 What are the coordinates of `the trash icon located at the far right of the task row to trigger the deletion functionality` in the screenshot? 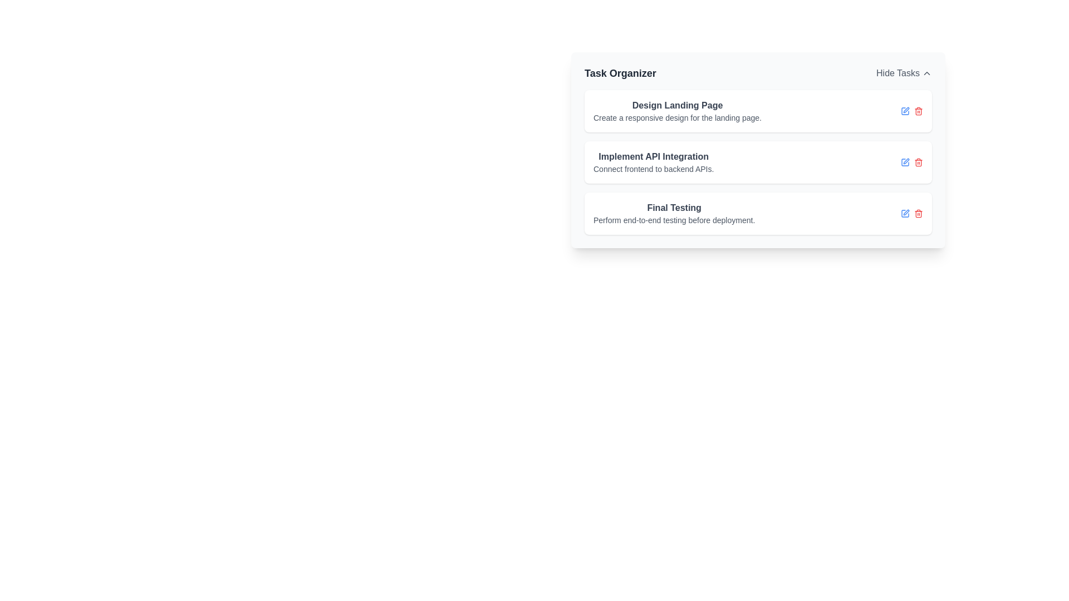 It's located at (919, 163).